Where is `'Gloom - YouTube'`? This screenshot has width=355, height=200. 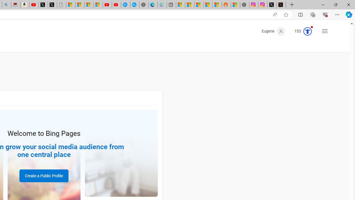
'Gloom - YouTube' is located at coordinates (107, 5).